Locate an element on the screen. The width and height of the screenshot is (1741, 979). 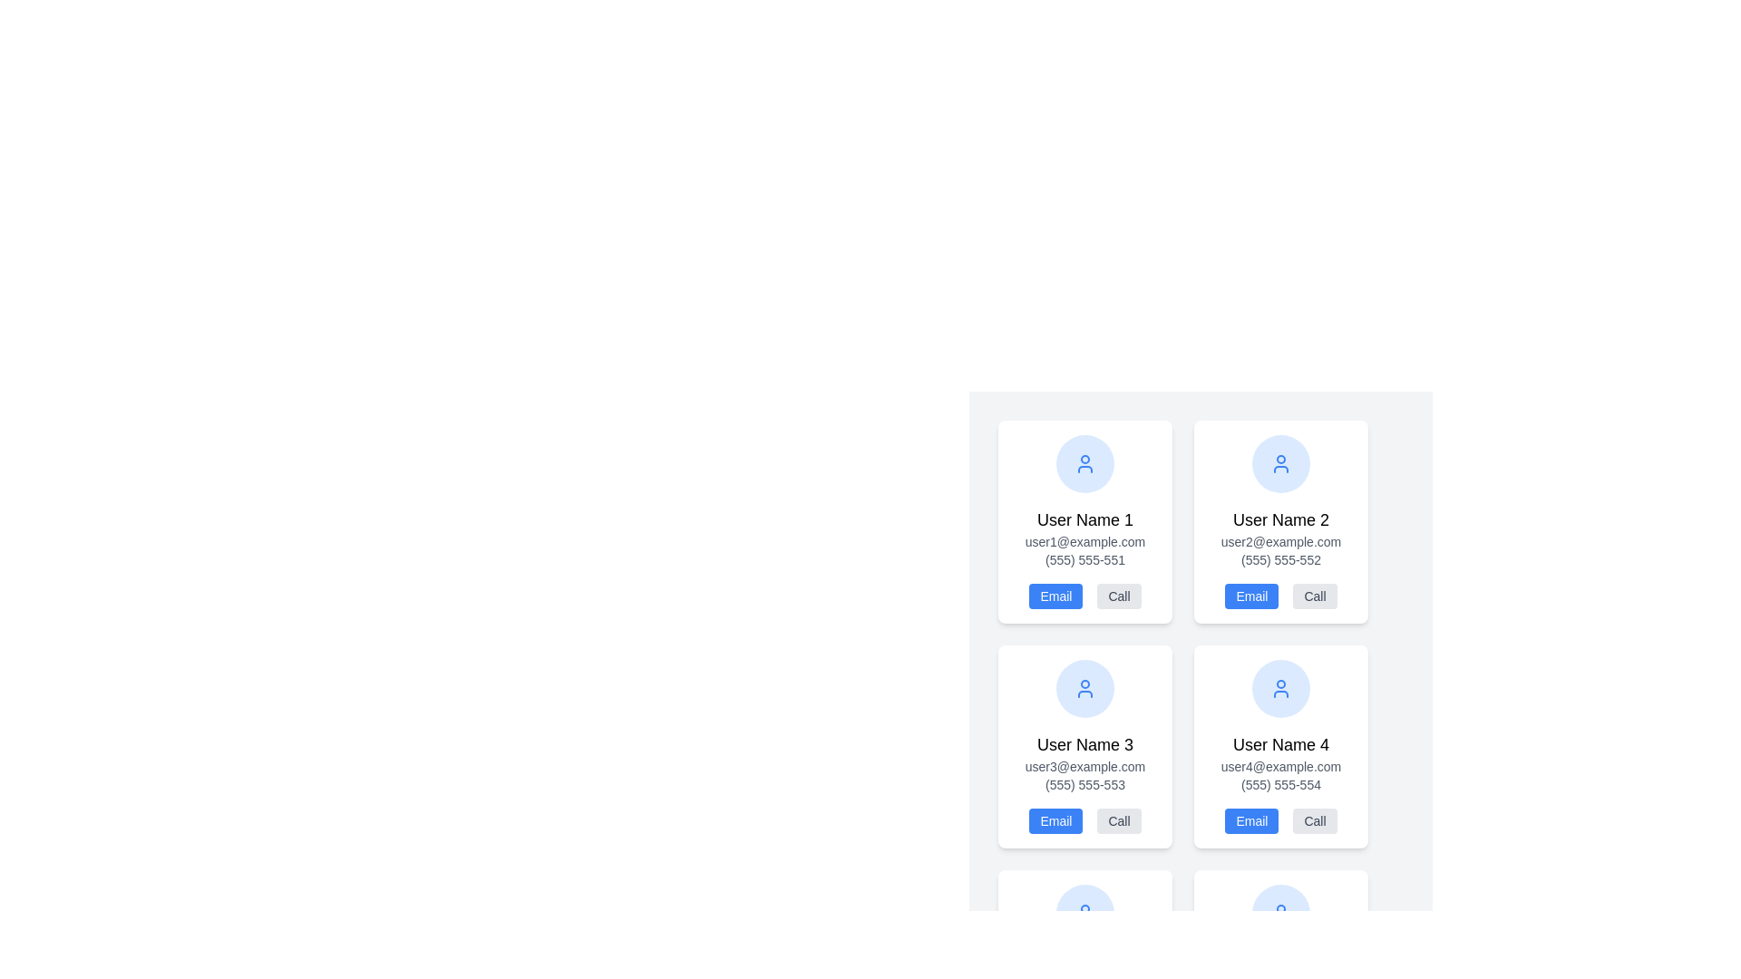
the static text displaying the phone number associated with 'User Name 3', located beneath the email address 'user3@example.com' and above the buttons labeled 'Email' and 'Call' is located at coordinates (1084, 784).